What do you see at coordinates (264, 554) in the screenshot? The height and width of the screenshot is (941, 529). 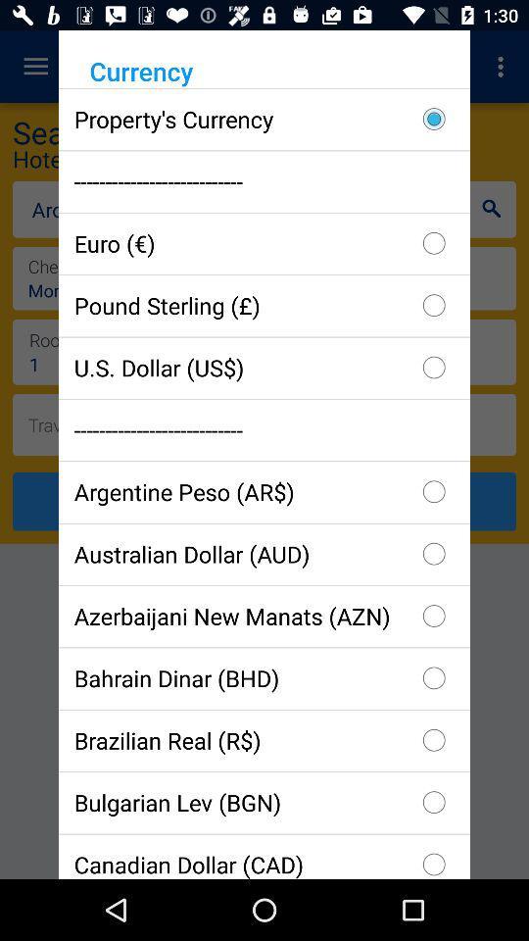 I see `item below the argentine peso (ar$) checkbox` at bounding box center [264, 554].